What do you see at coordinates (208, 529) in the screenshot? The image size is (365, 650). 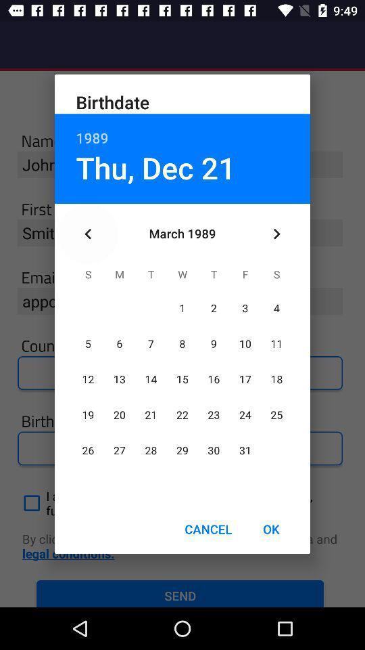 I see `the item at the bottom` at bounding box center [208, 529].